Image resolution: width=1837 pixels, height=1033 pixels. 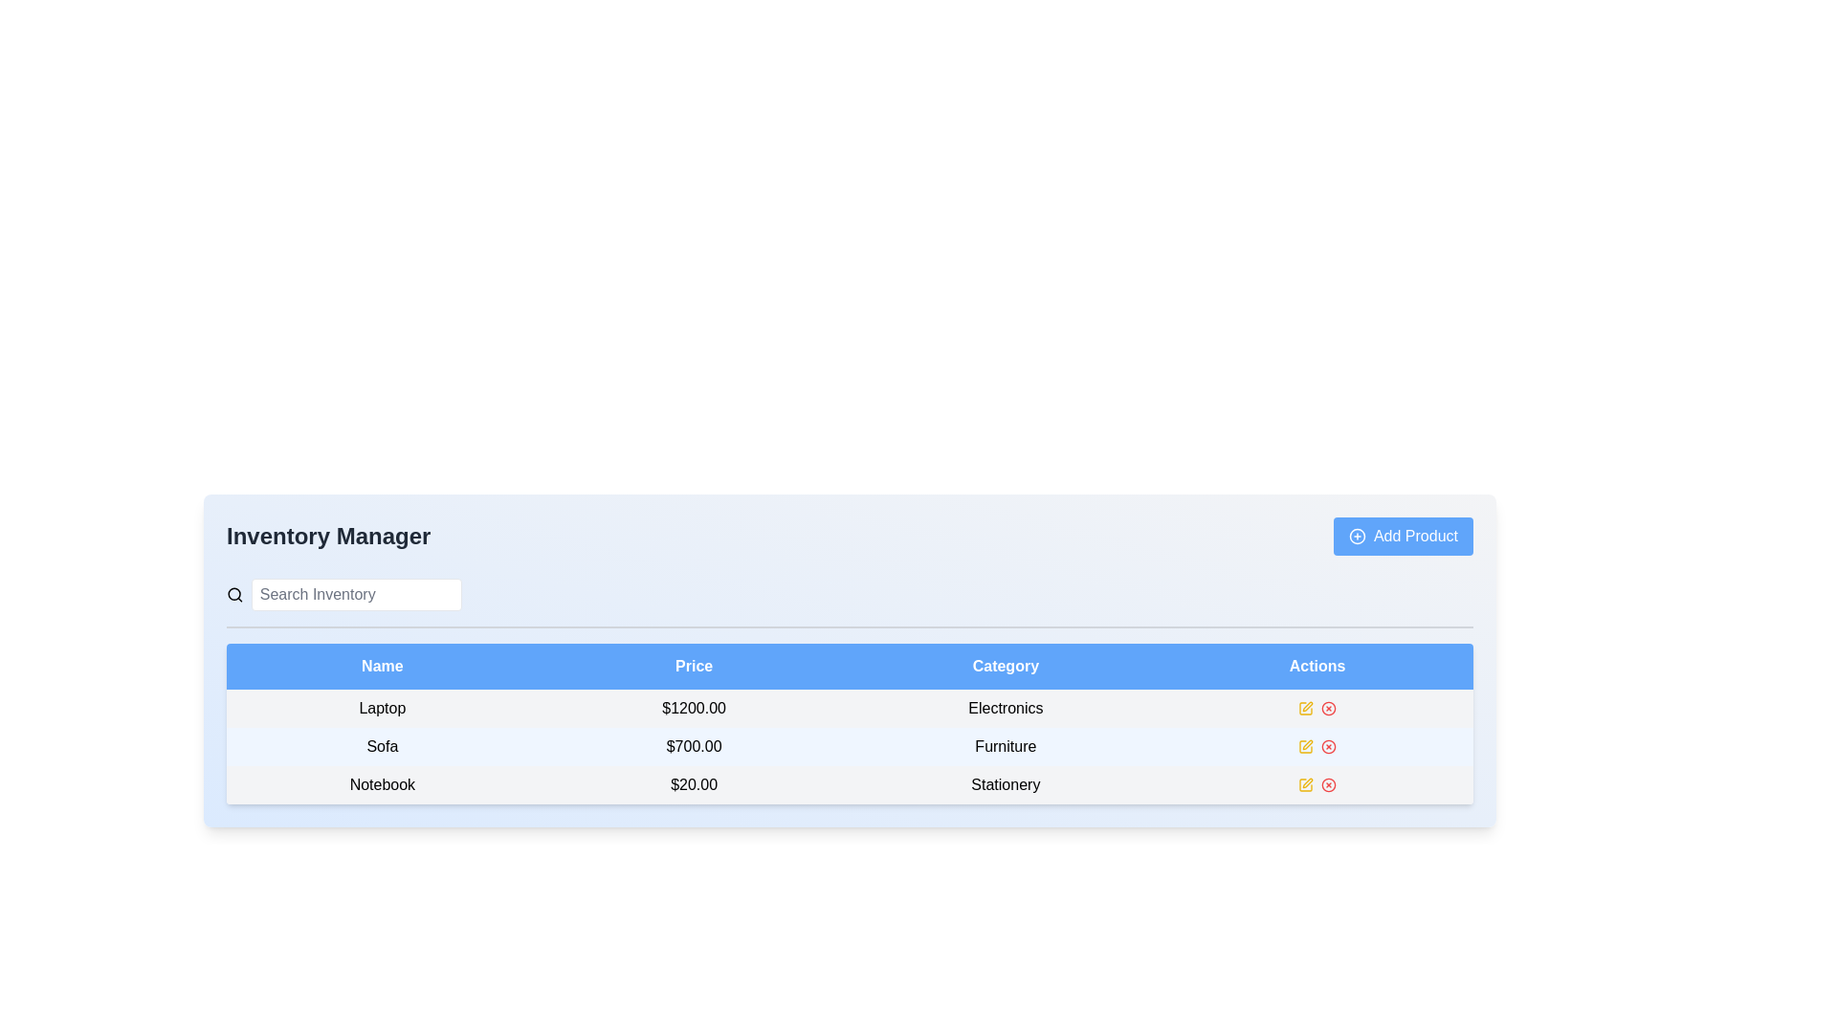 What do you see at coordinates (1328, 745) in the screenshot?
I see `the red circular icon with a white 'X' symbol in the 'Actions' column for the 'Sofa' item` at bounding box center [1328, 745].